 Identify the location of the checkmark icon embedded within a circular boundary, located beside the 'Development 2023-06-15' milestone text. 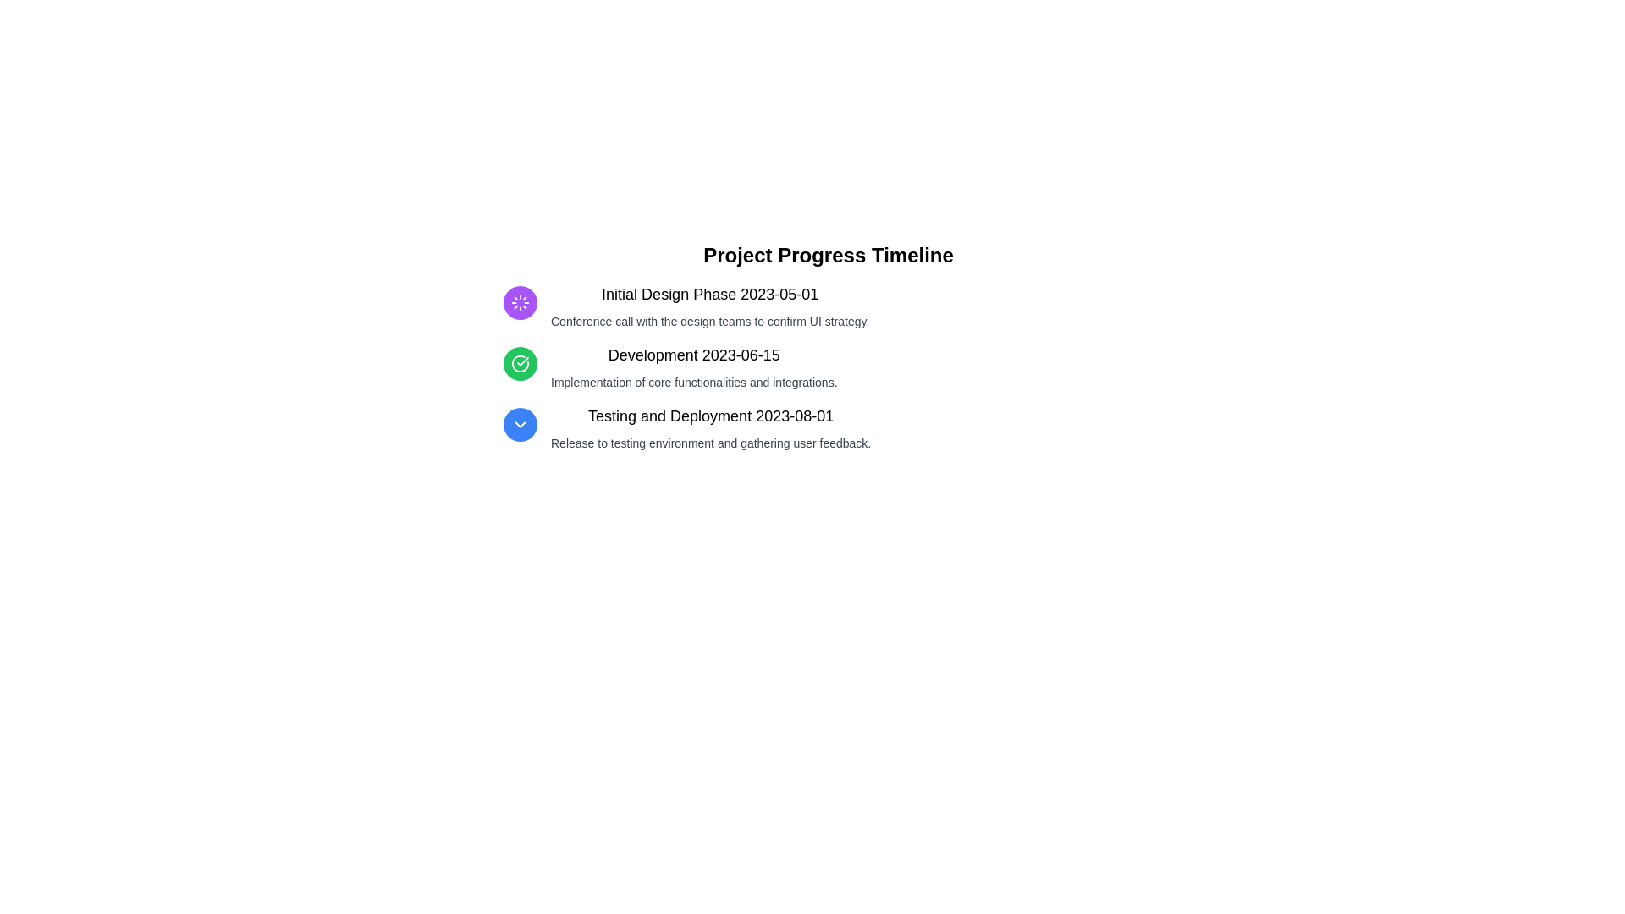
(522, 361).